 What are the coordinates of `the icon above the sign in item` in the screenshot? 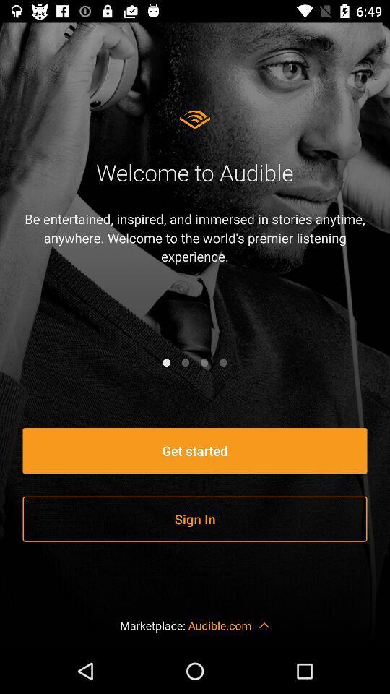 It's located at (195, 450).